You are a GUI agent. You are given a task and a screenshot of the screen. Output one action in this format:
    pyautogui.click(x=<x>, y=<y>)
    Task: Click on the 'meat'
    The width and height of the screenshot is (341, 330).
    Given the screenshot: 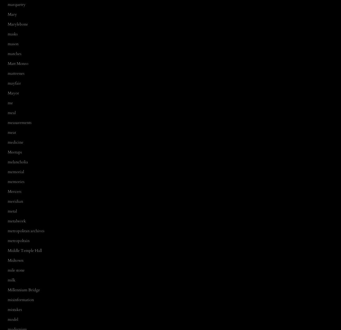 What is the action you would take?
    pyautogui.click(x=12, y=132)
    